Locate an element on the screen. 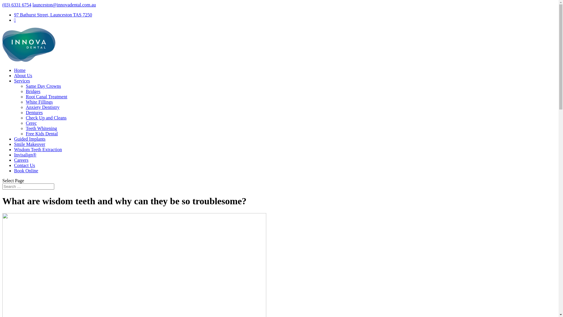  'Book Online' is located at coordinates (26, 171).